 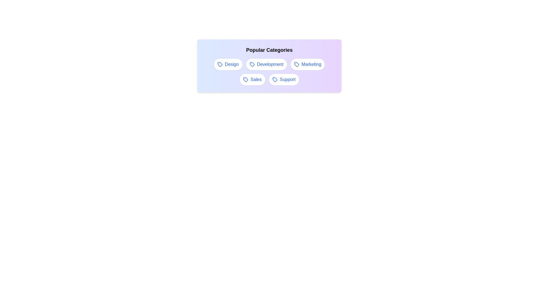 What do you see at coordinates (307, 64) in the screenshot?
I see `the Marketing tag to select it` at bounding box center [307, 64].